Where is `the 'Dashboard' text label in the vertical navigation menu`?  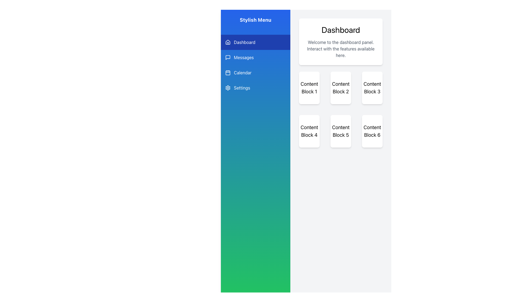
the 'Dashboard' text label in the vertical navigation menu is located at coordinates (244, 42).